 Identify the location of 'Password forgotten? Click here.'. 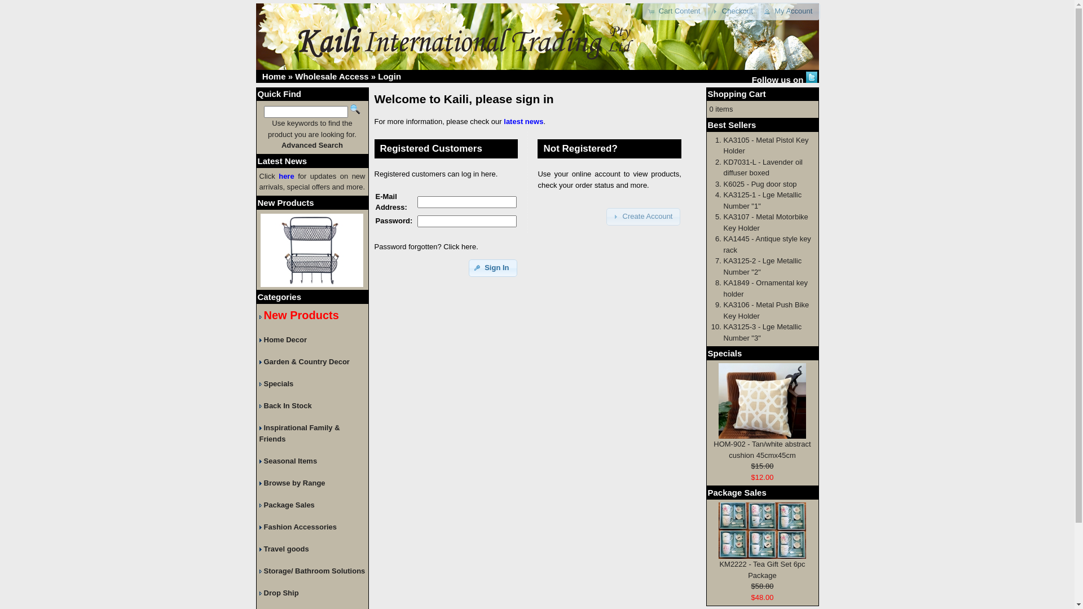
(425, 246).